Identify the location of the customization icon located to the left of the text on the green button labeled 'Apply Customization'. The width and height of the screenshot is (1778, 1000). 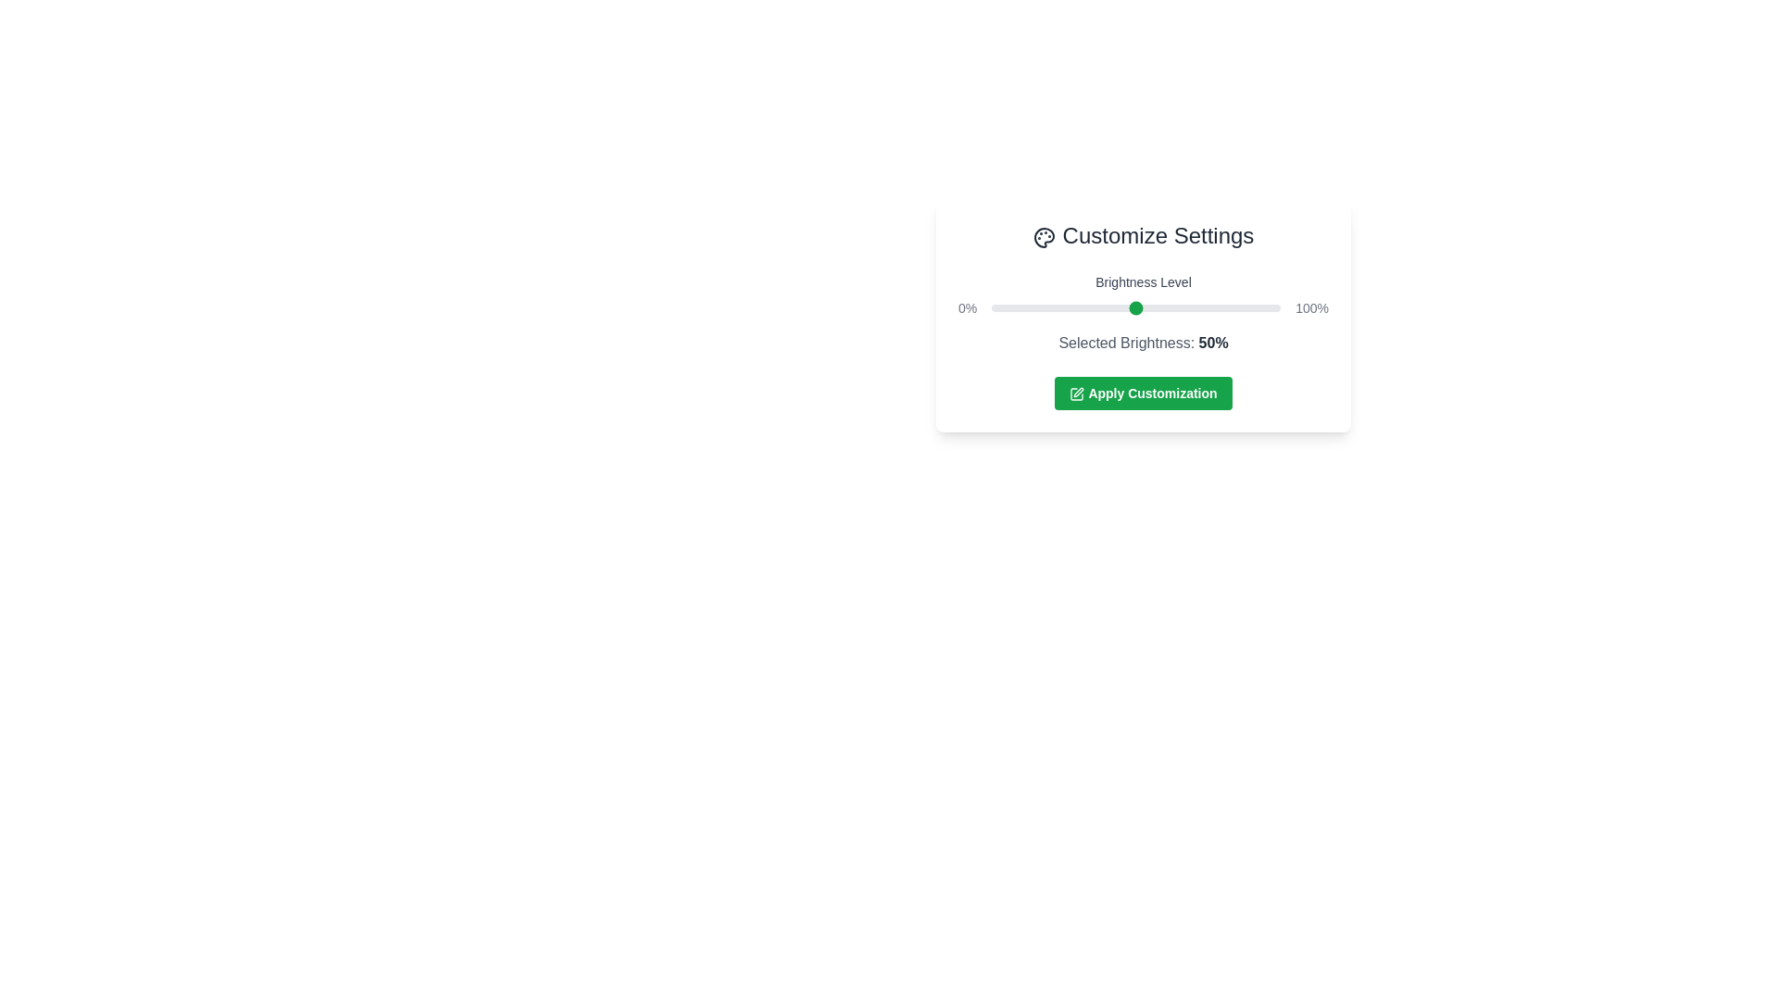
(1077, 394).